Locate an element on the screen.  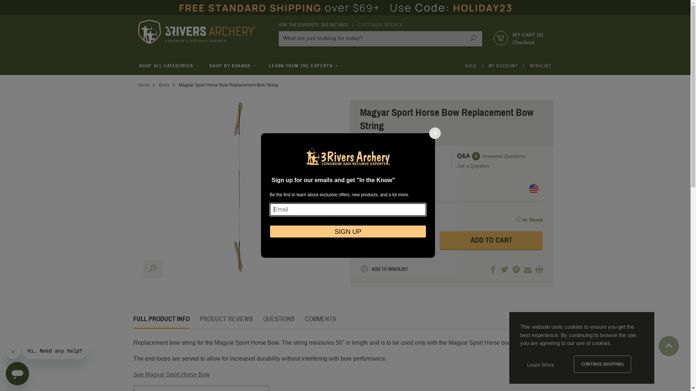
'SHOP BY BRANDS' is located at coordinates (233, 66).